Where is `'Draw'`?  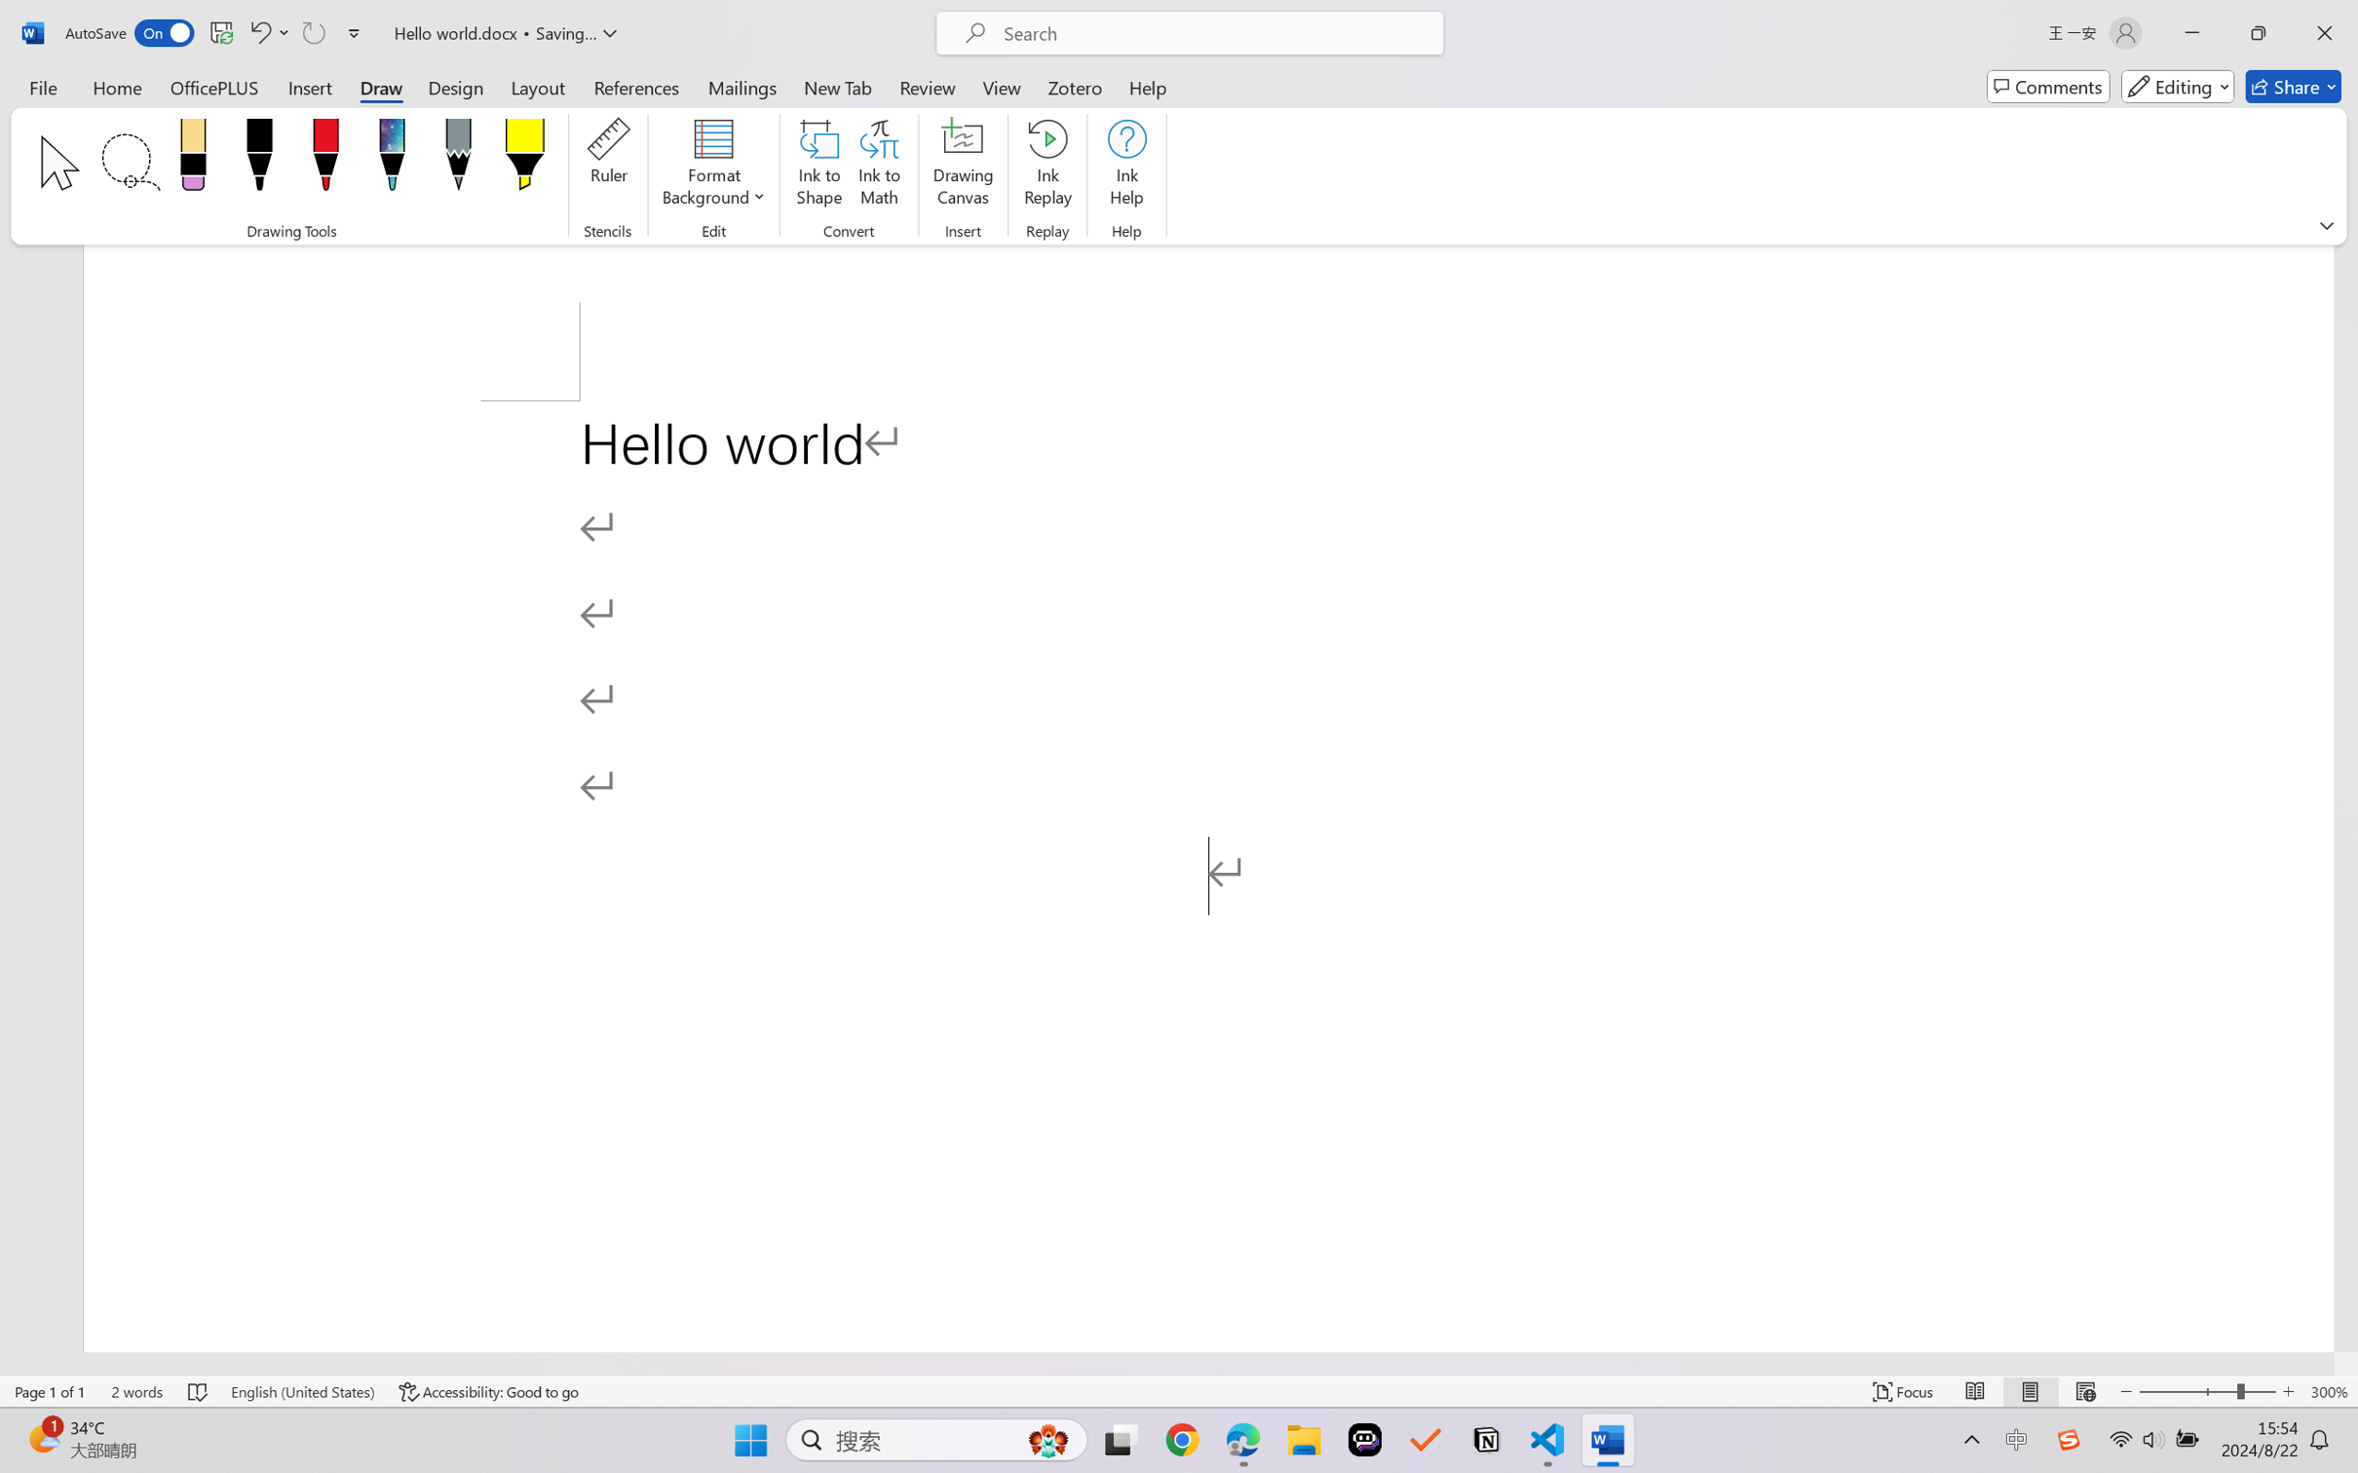 'Draw' is located at coordinates (381, 86).